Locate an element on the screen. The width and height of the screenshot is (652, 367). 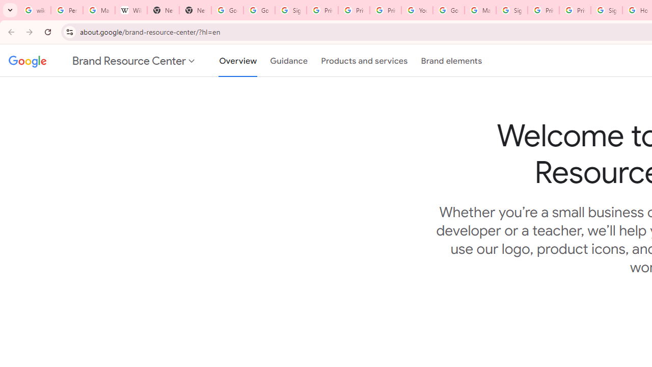
'Reload' is located at coordinates (47, 31).